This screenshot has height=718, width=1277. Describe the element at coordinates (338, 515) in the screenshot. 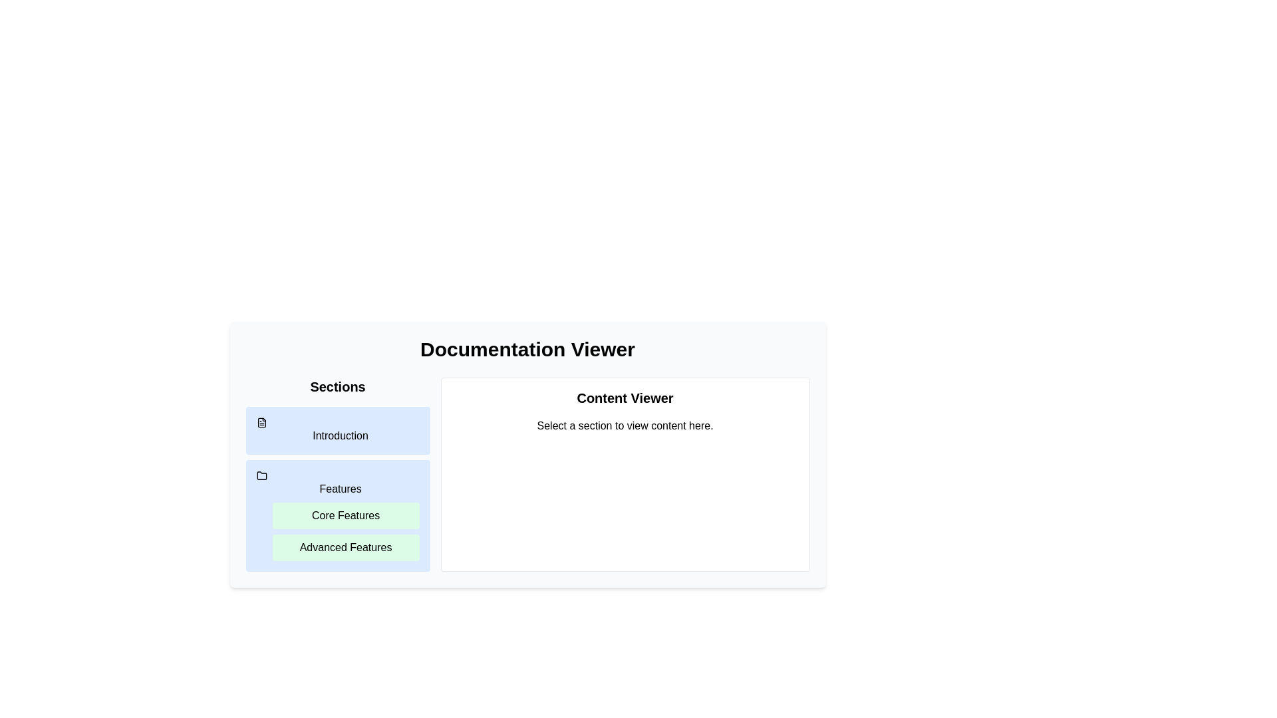

I see `the 'Core Features' button in the collapsible list item under the 'Sections' menu` at that location.